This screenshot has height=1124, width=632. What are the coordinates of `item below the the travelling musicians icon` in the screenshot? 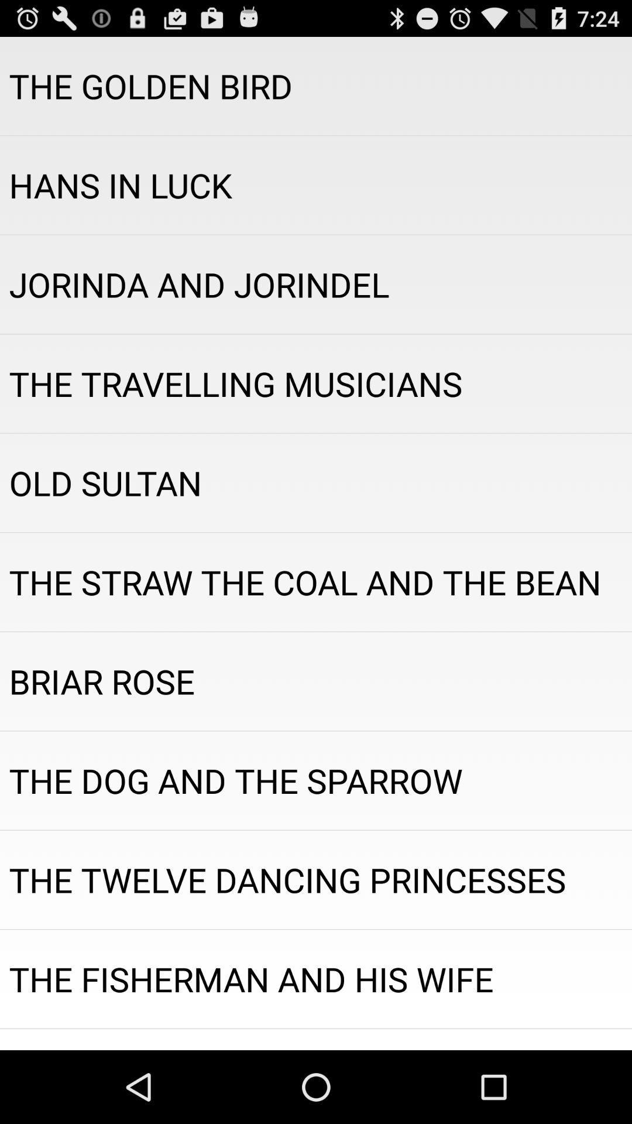 It's located at (316, 483).